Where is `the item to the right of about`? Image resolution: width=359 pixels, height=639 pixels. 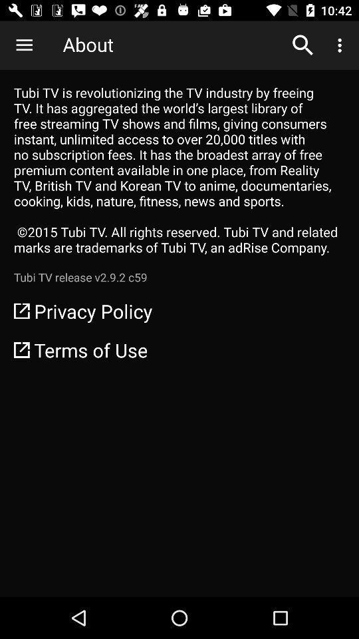
the item to the right of about is located at coordinates (302, 45).